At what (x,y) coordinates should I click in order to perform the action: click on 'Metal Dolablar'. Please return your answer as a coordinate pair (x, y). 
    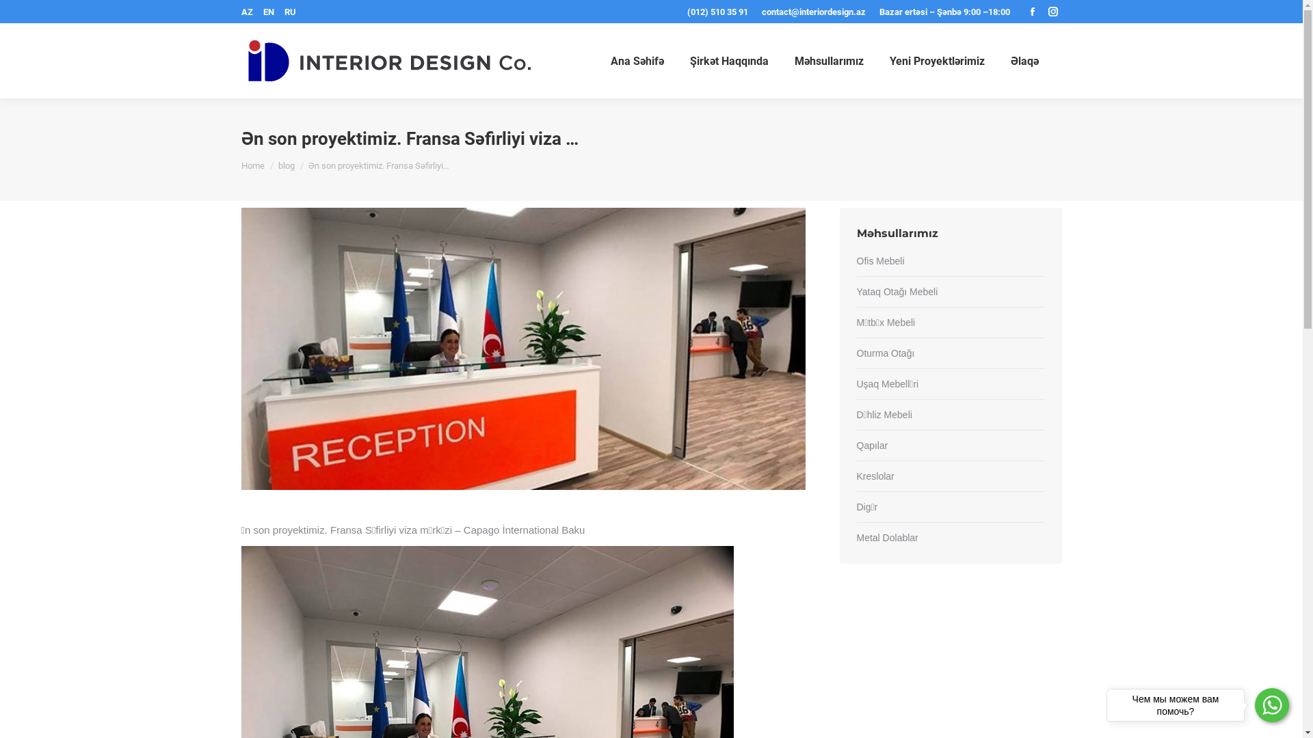
    Looking at the image, I should click on (886, 537).